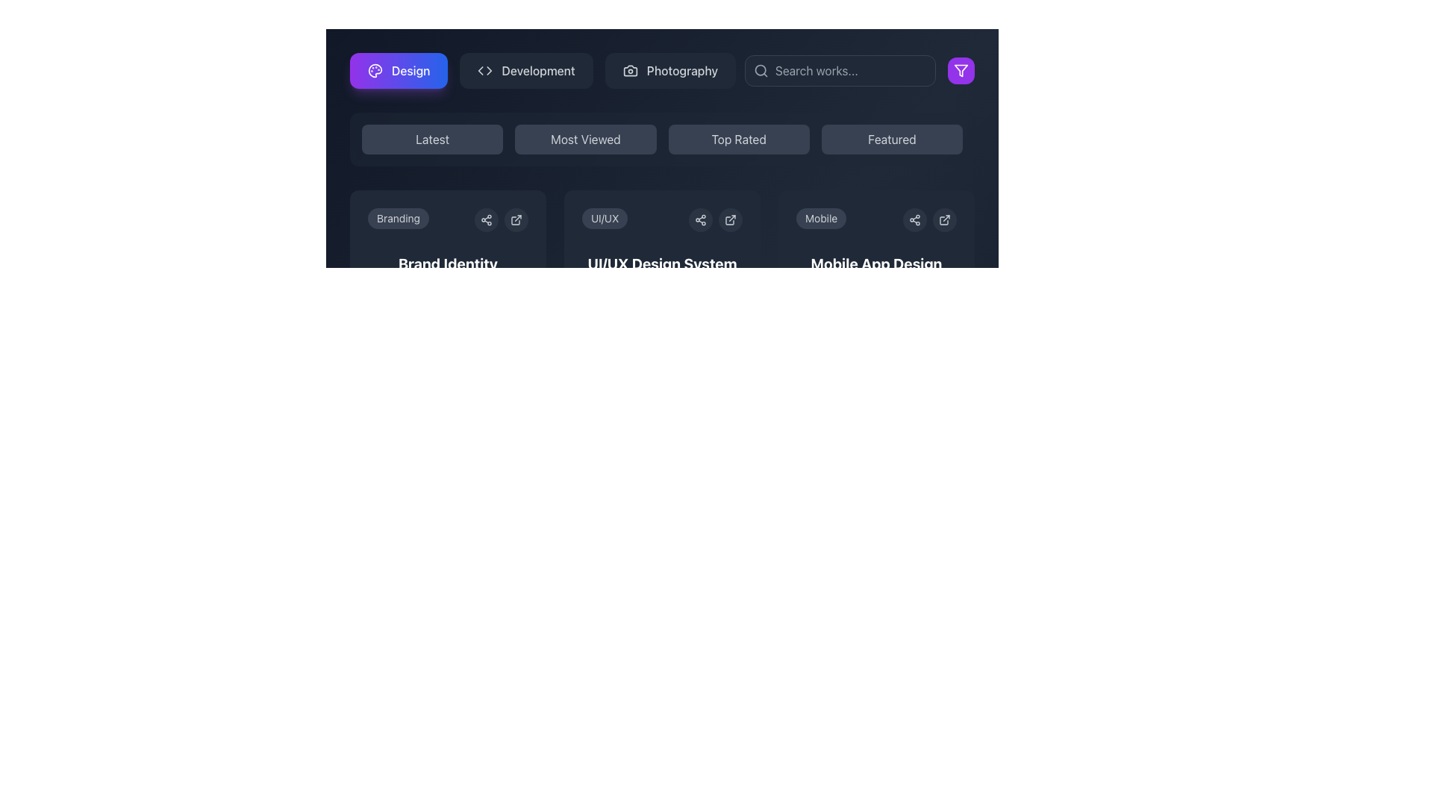  Describe the element at coordinates (584, 139) in the screenshot. I see `the 'Most Viewed' button, which is a rectangular button with rounded corners and a dark gray background` at that location.